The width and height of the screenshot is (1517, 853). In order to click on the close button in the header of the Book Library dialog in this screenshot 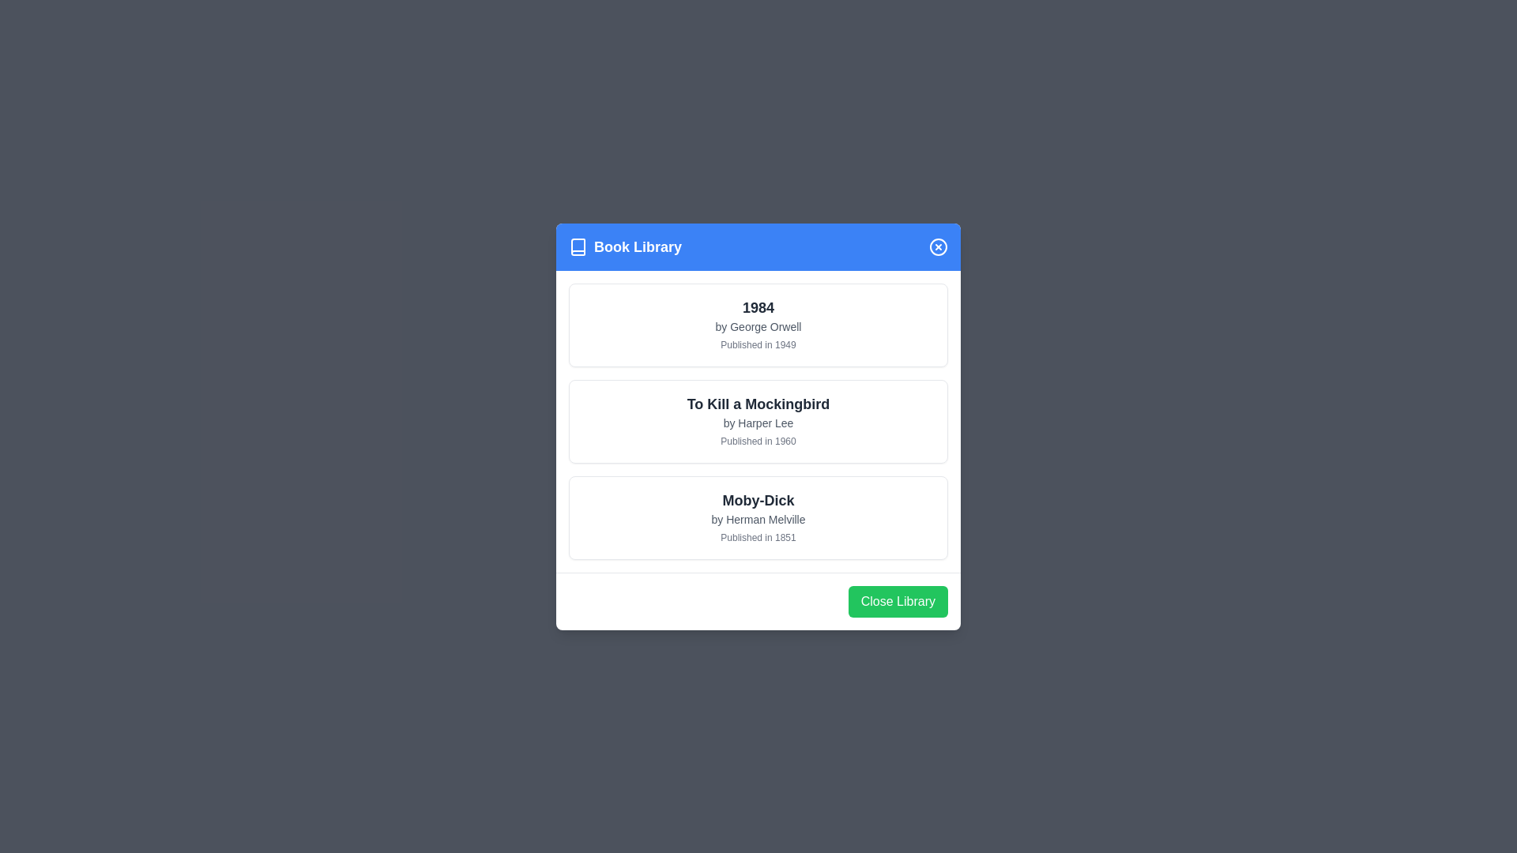, I will do `click(939, 246)`.